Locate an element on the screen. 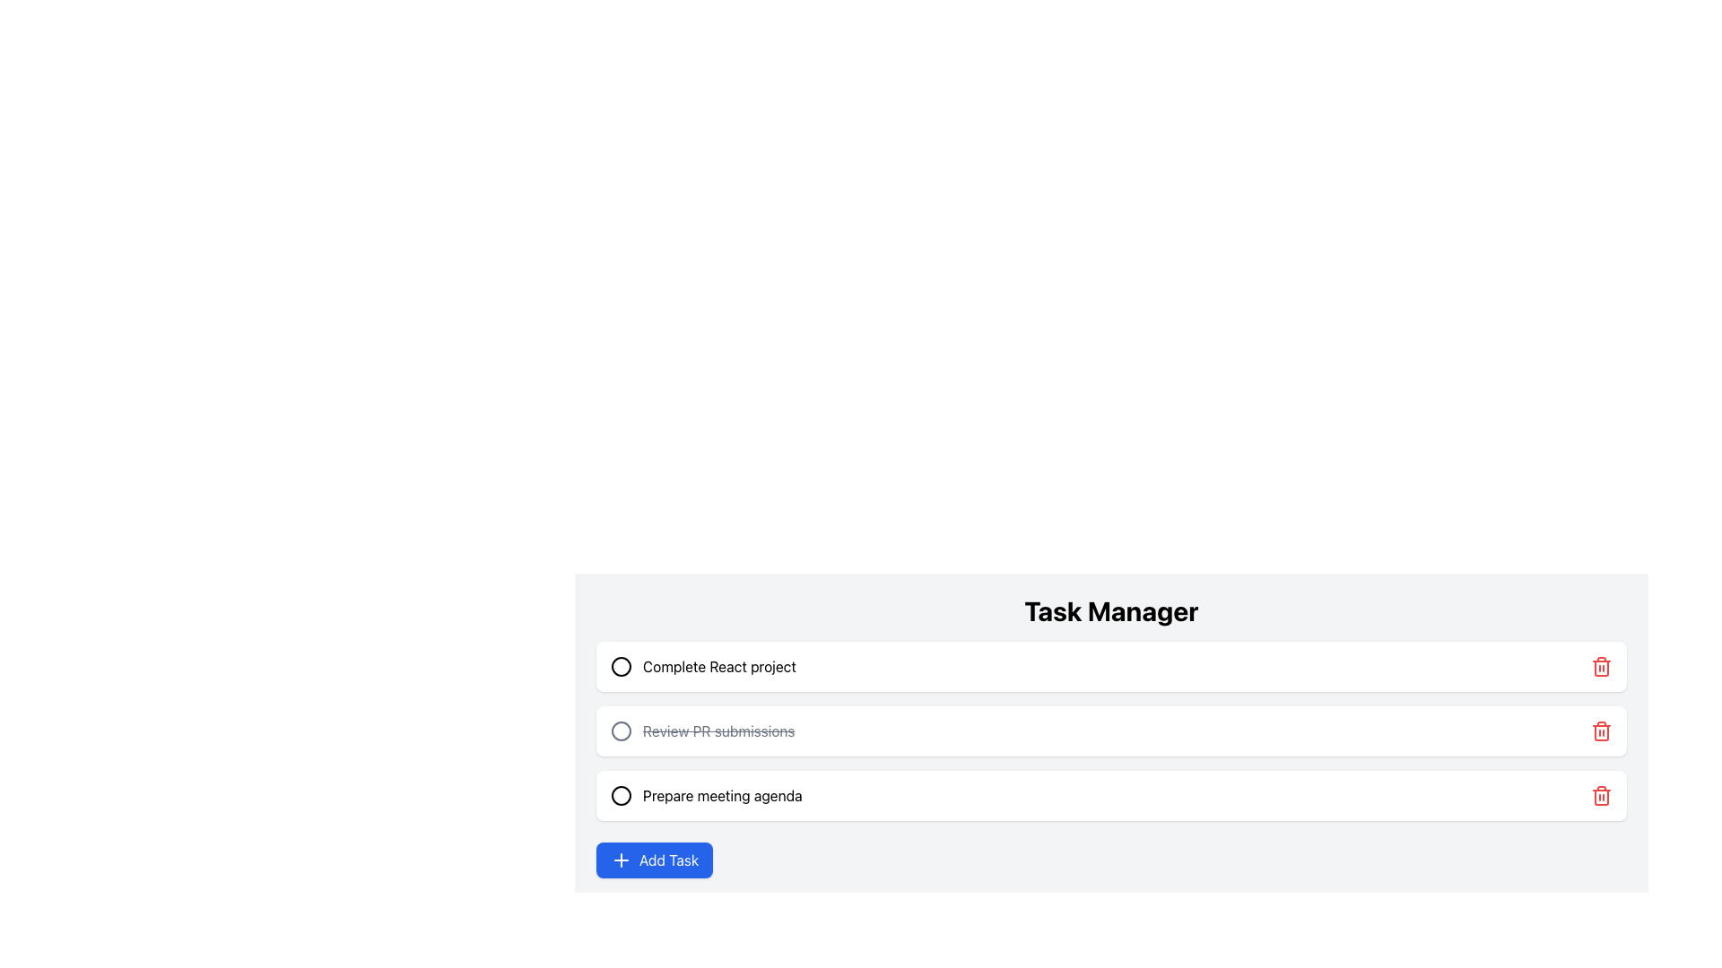  the SVG plus icon located to the left of the 'Add Task' text within the button at the bottom of the task list for navigation purposes is located at coordinates (621, 860).